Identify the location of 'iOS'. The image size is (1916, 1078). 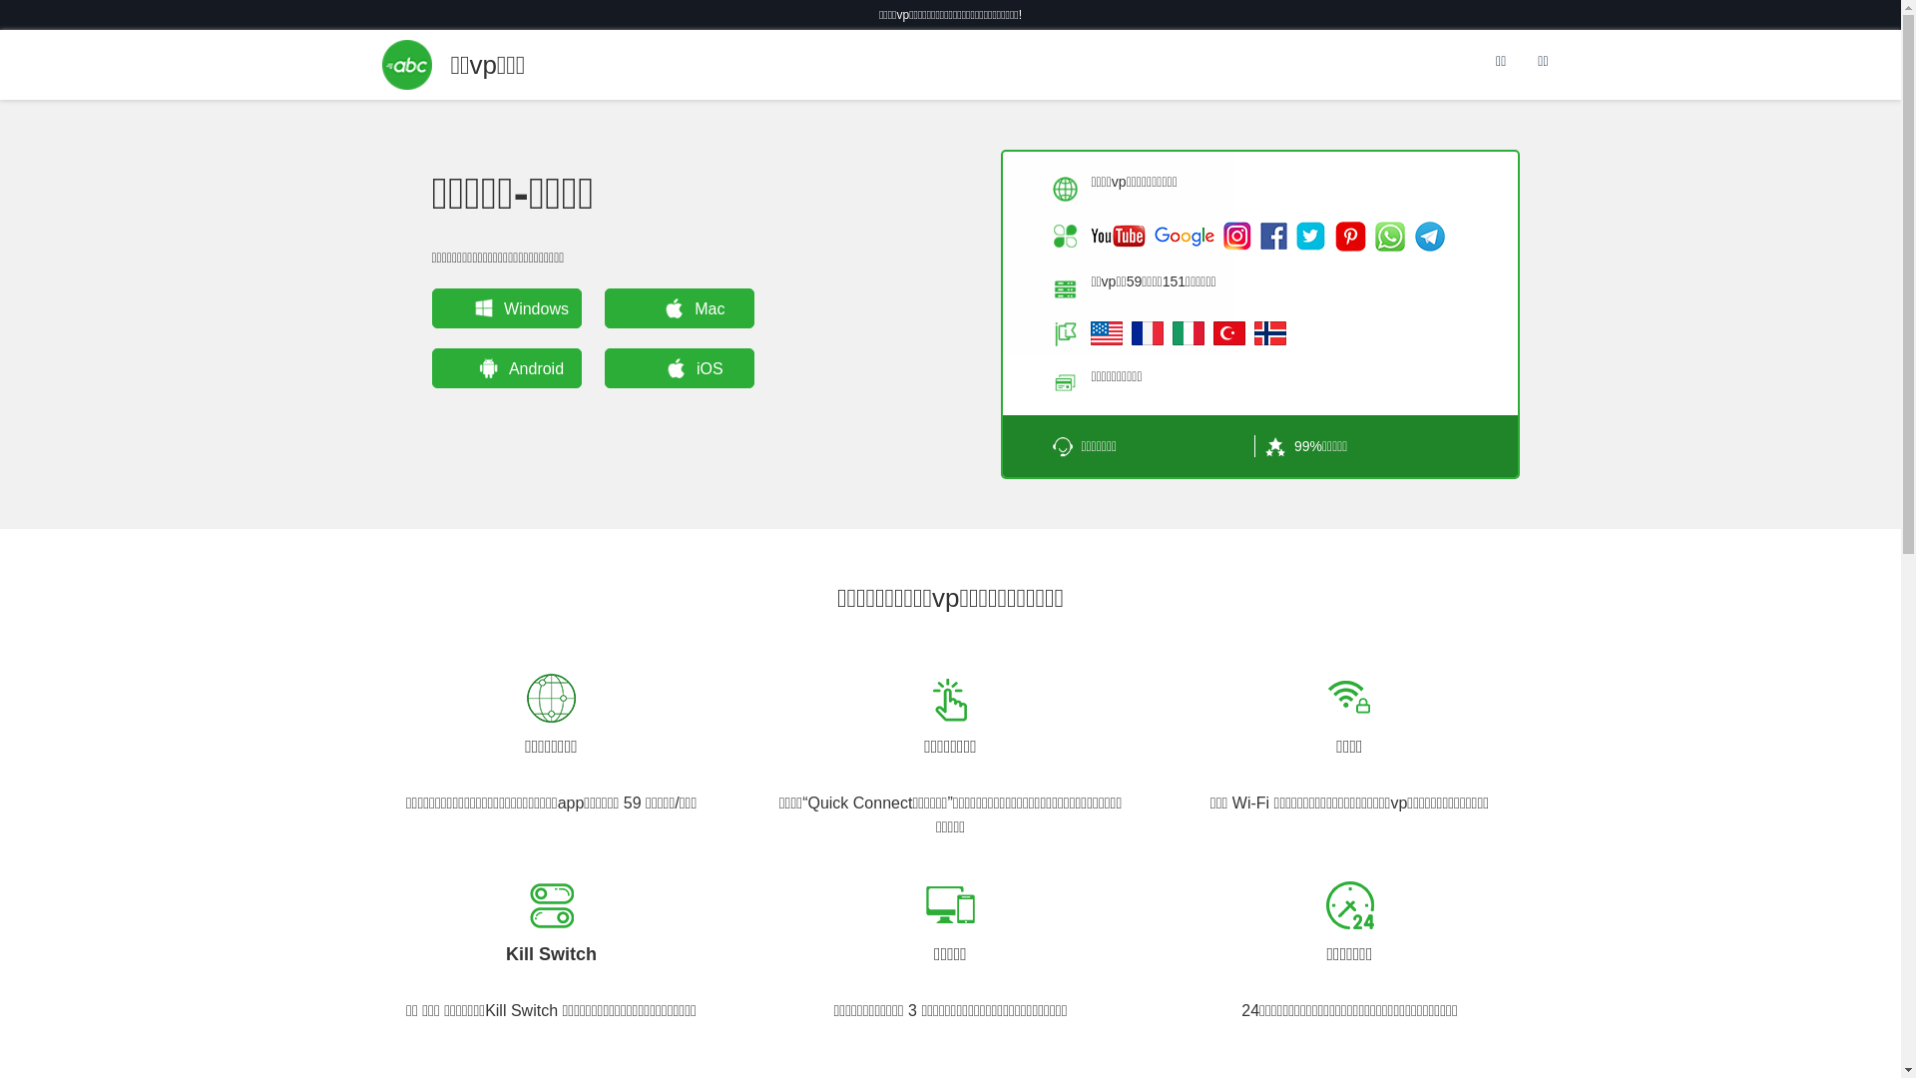
(680, 366).